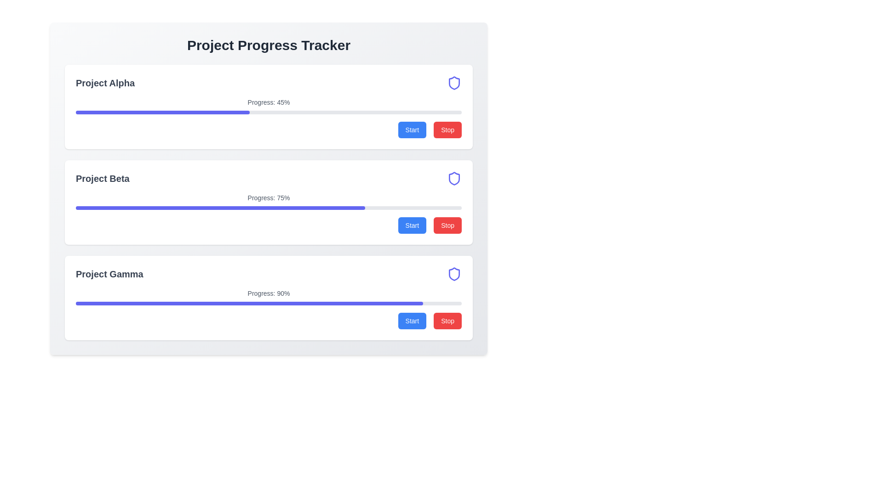  I want to click on the 'Stop' button located in the bottom-right corner of the horizontal action bar associated with 'Project Gamma', so click(447, 320).